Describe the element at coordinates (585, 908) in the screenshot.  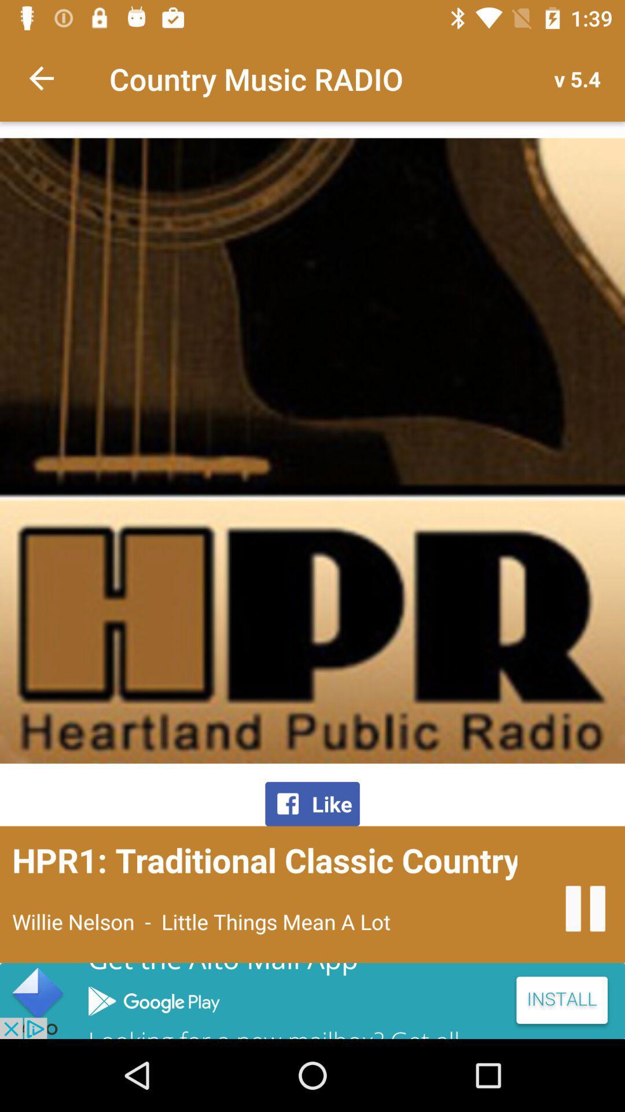
I see `the pause icon` at that location.